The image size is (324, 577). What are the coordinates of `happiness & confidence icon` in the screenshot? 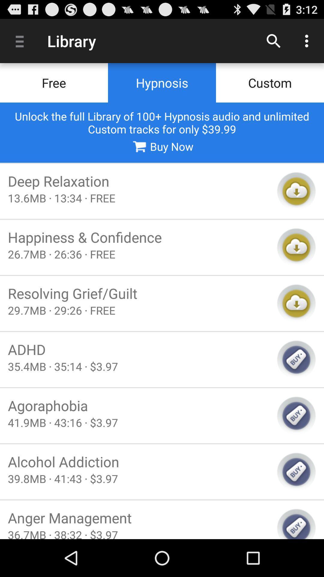 It's located at (138, 237).